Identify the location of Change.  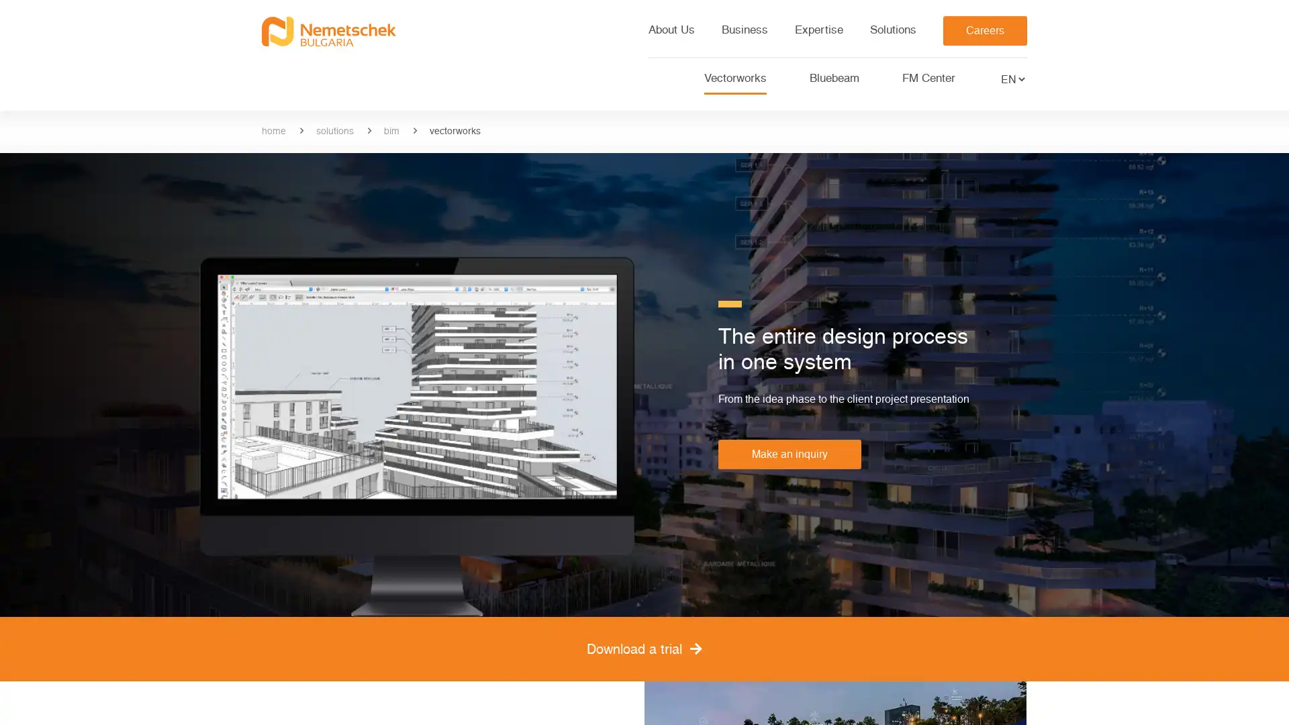
(1024, 83).